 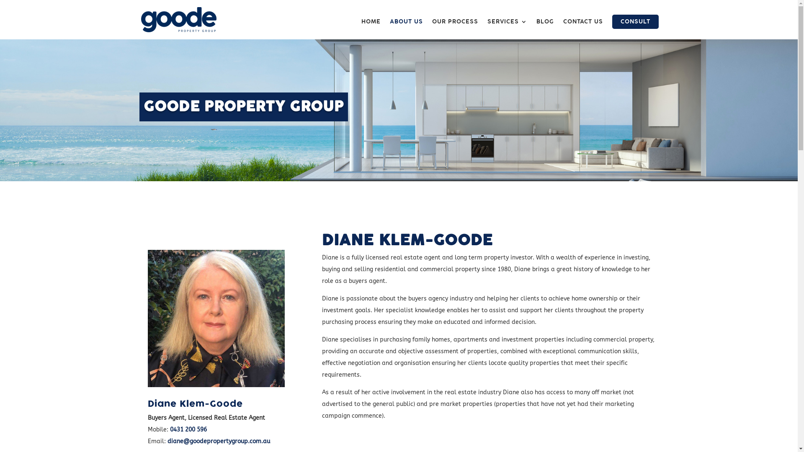 I want to click on 'diane@goodepropertygroup.com.au', so click(x=219, y=441).